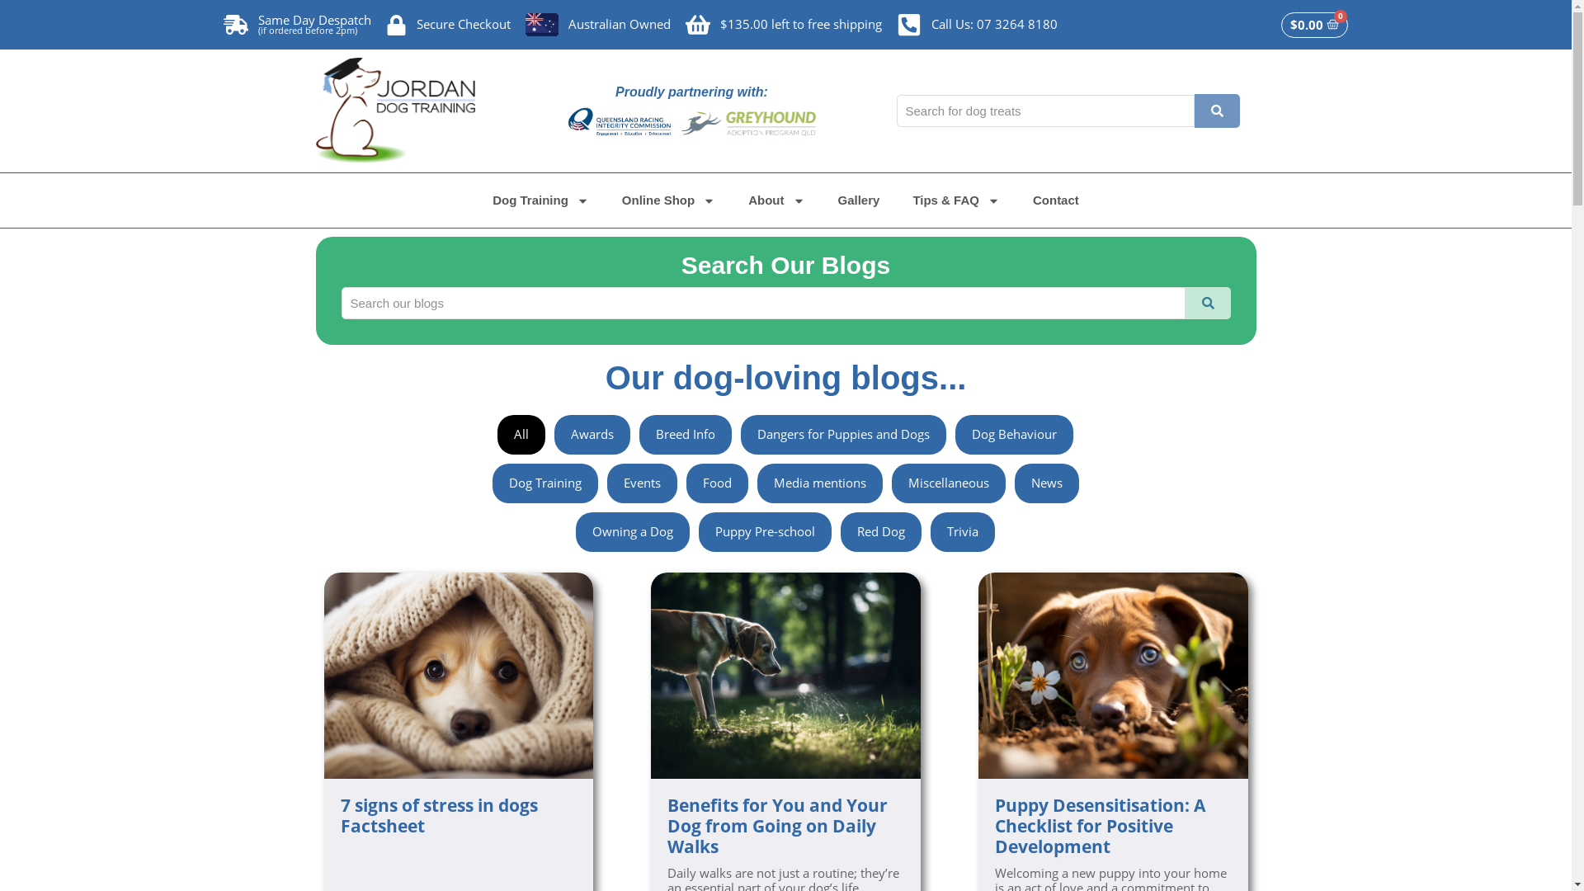 This screenshot has height=891, width=1584. I want to click on 'Puppy Desensitisation: A Checklist for Positive Development', so click(1113, 827).